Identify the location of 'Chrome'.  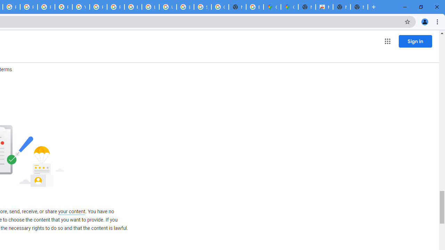
(438, 21).